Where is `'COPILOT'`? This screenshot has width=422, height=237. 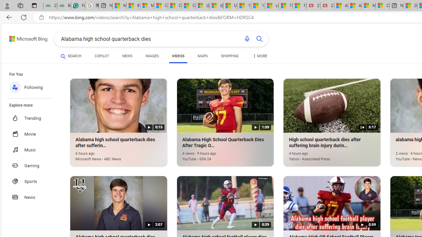
'COPILOT' is located at coordinates (101, 56).